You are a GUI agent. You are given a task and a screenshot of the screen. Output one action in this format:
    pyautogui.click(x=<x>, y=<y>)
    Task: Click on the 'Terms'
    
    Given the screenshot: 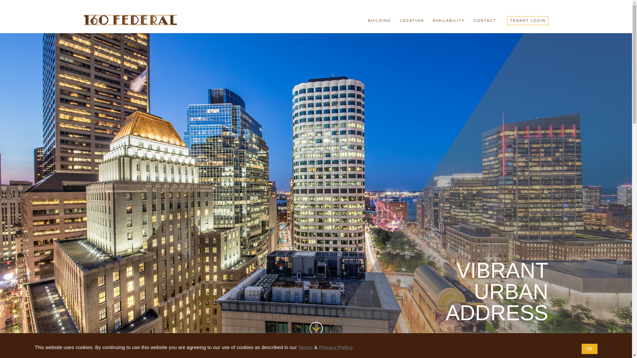 What is the action you would take?
    pyautogui.click(x=298, y=347)
    